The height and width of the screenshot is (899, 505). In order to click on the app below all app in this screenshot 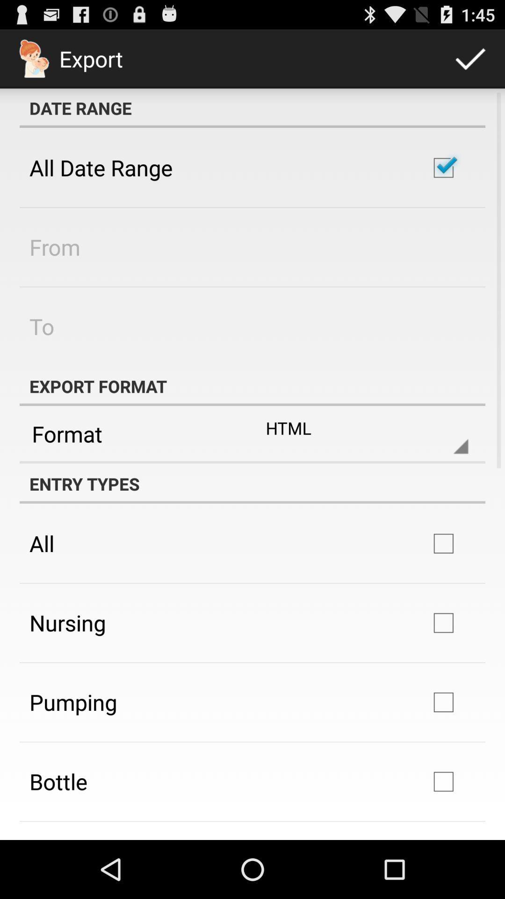, I will do `click(67, 623)`.